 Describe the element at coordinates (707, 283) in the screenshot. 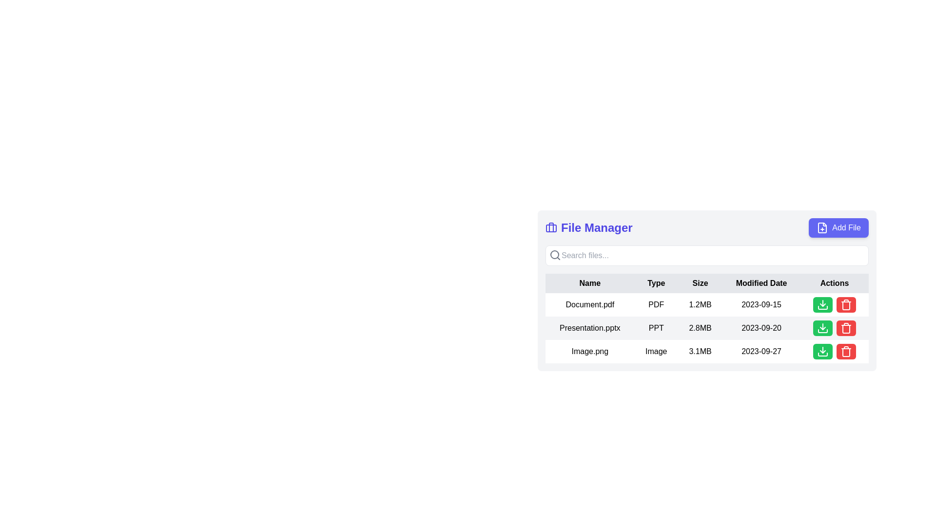

I see `the Table Header element that labels the columns of the file details table in the file manager interface` at that location.